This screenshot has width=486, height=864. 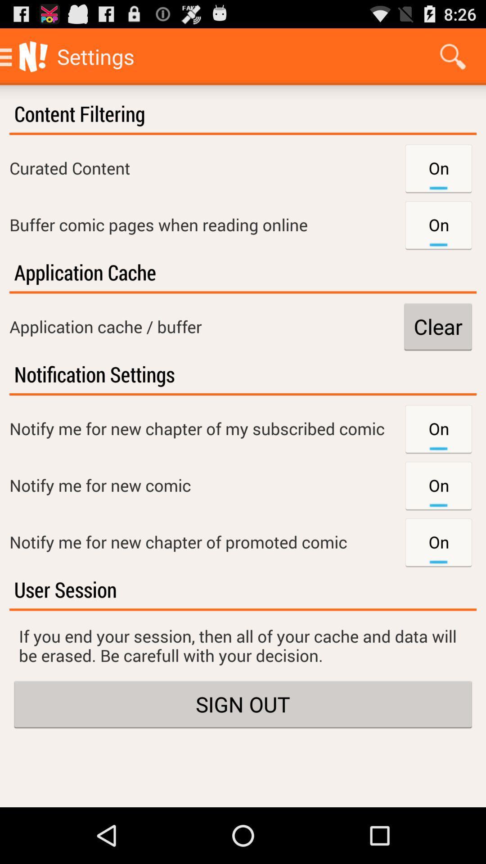 I want to click on the icon above the notification settings icon, so click(x=437, y=326).